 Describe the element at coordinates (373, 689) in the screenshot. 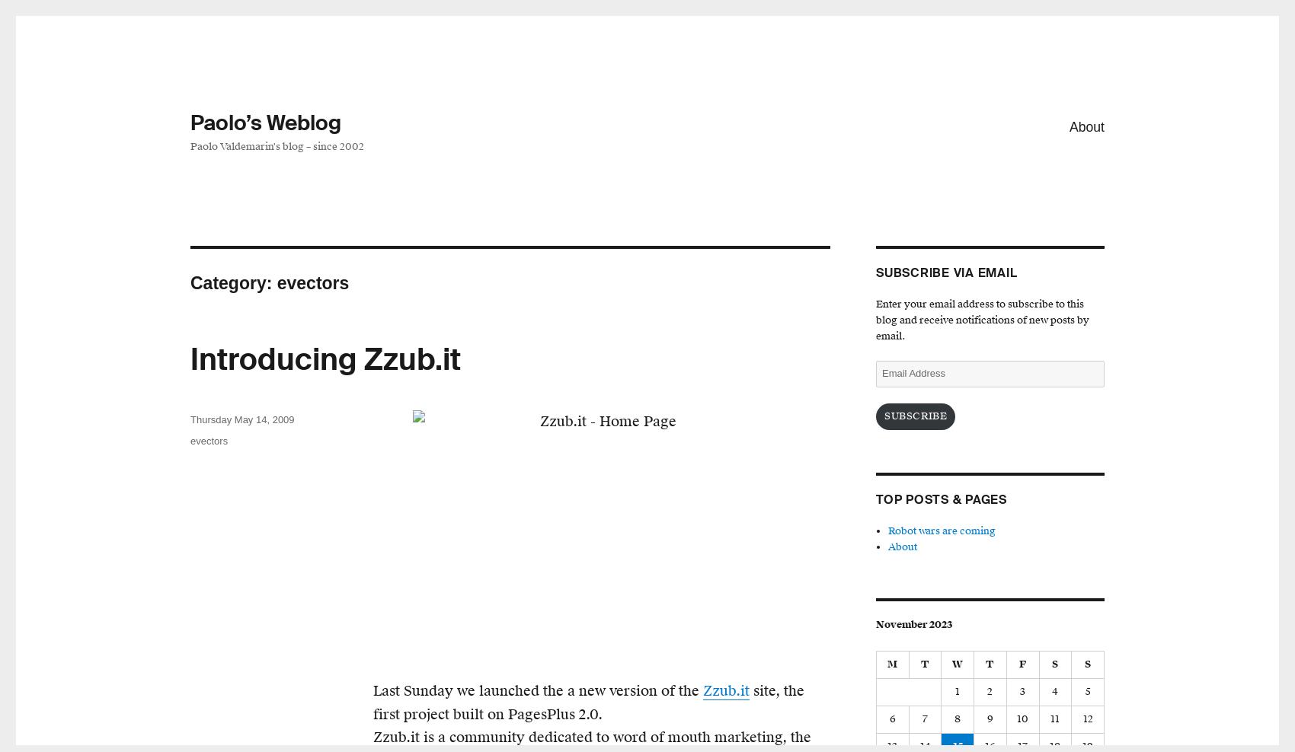

I see `'Last Sunday we launched the a new version of the'` at that location.